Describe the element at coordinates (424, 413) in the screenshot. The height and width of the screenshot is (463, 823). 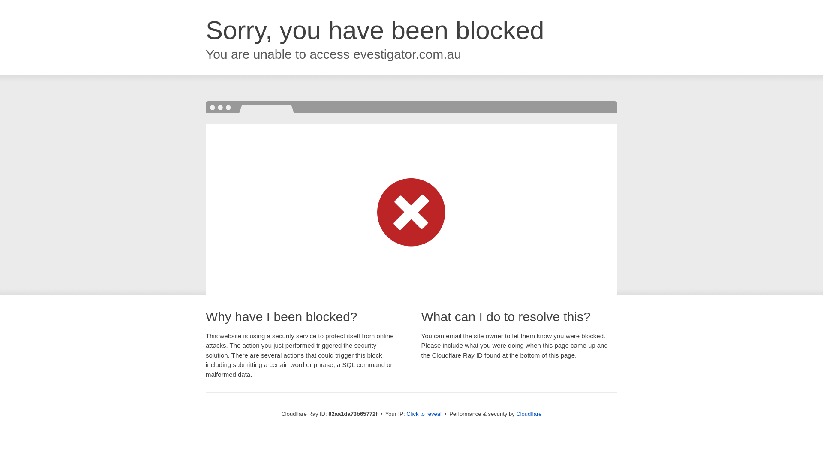
I see `'Click to reveal'` at that location.